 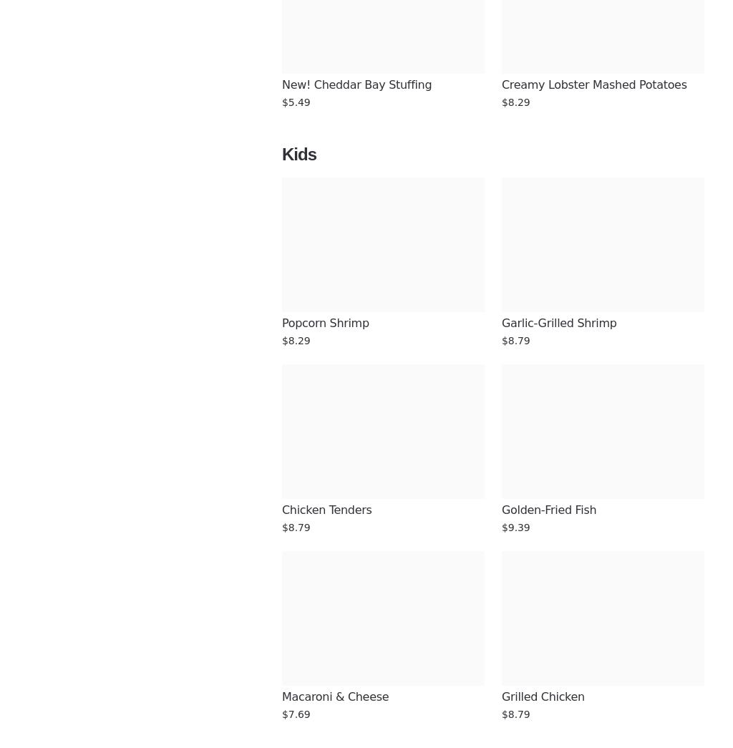 I want to click on 'Macaroni & Cheese', so click(x=281, y=696).